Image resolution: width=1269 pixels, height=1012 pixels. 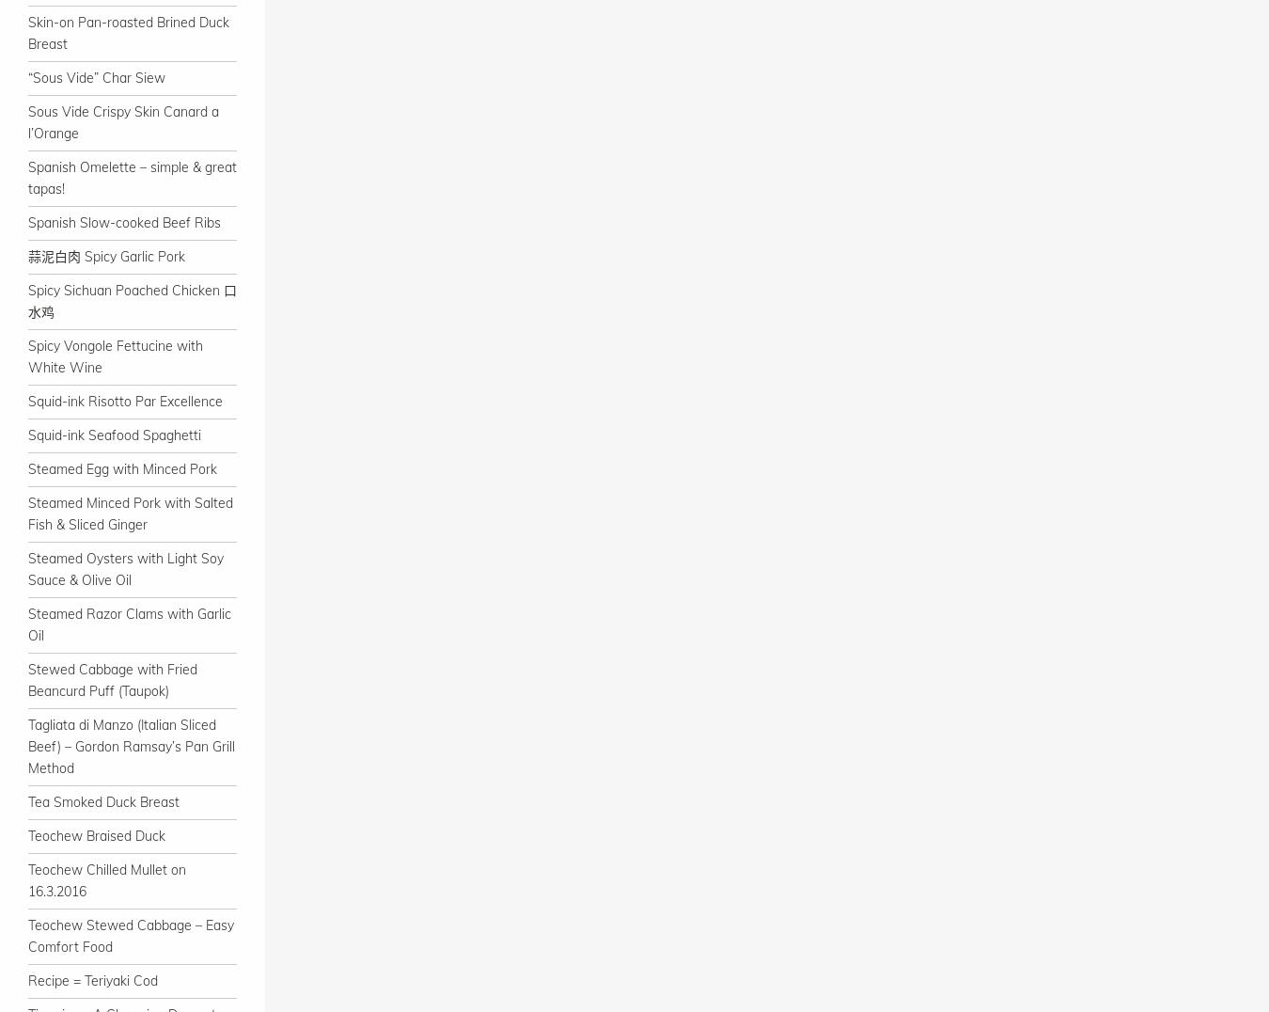 What do you see at coordinates (102, 802) in the screenshot?
I see `'Tea Smoked Duck Breast'` at bounding box center [102, 802].